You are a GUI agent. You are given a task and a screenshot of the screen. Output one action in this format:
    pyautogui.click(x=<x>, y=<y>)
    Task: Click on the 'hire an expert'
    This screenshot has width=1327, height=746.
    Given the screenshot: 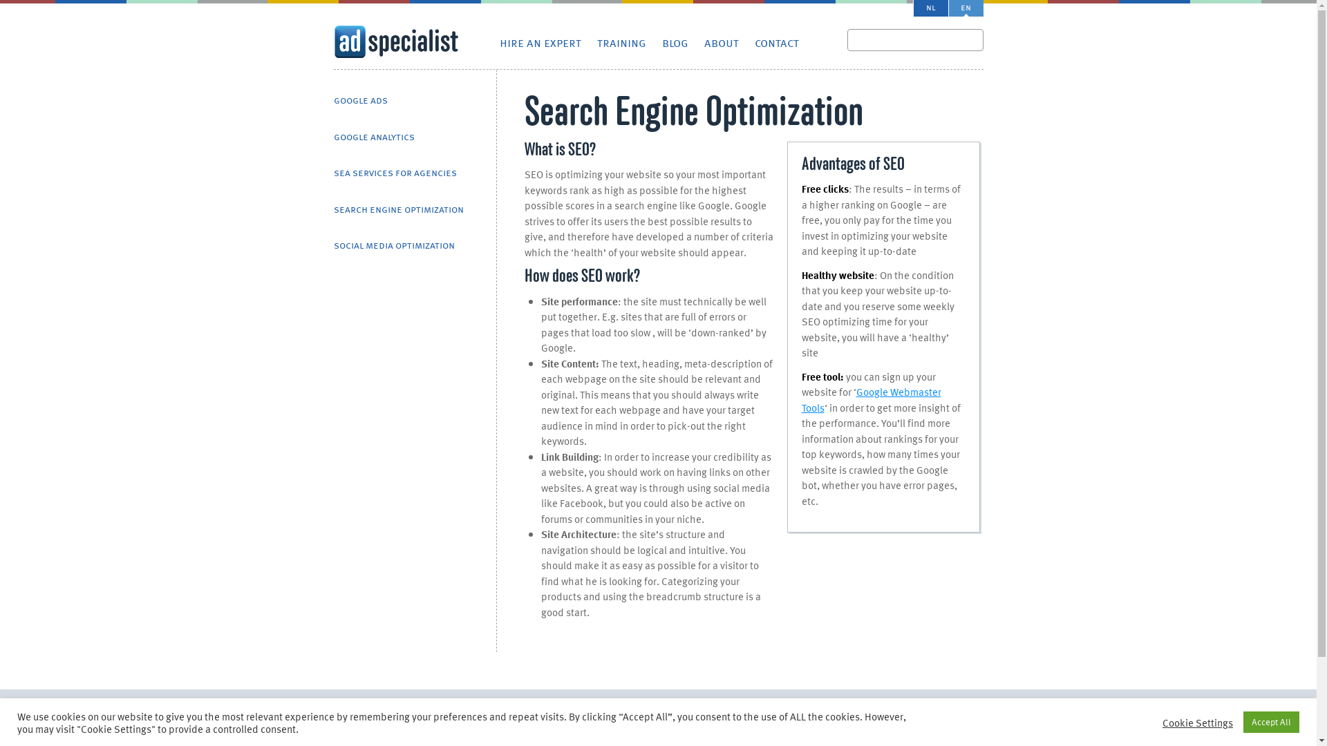 What is the action you would take?
    pyautogui.click(x=498, y=42)
    